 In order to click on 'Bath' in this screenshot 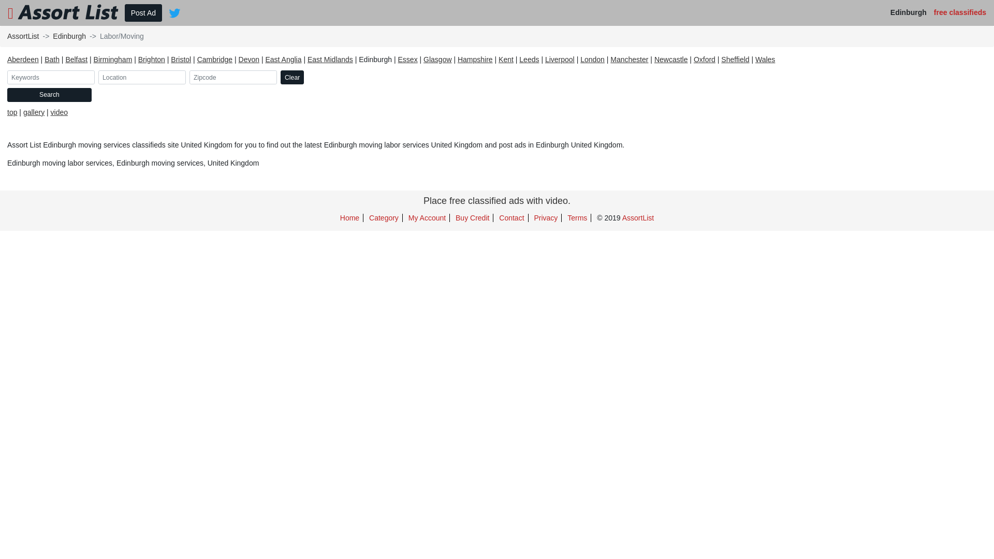, I will do `click(51, 60)`.